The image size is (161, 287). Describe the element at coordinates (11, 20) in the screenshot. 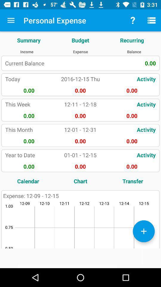

I see `item next to personal expense` at that location.